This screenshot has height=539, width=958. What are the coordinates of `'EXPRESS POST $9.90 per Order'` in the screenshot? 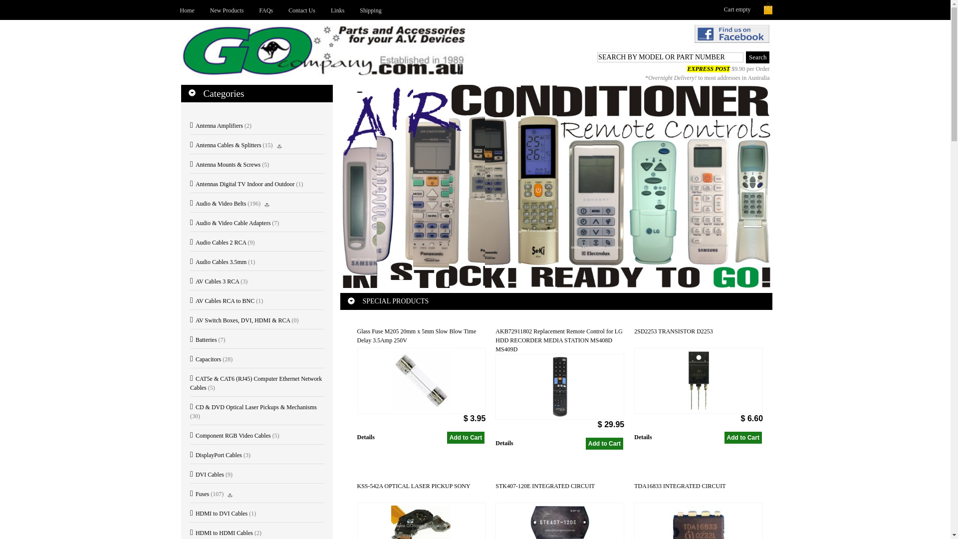 It's located at (687, 68).